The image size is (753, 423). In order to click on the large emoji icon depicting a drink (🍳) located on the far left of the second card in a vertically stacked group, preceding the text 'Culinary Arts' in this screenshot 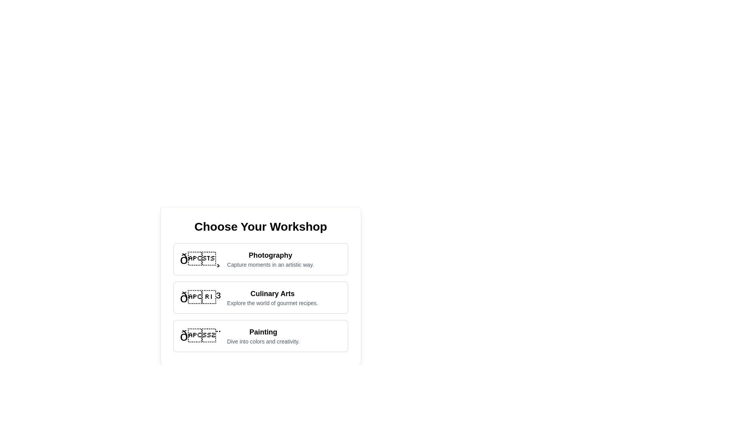, I will do `click(200, 297)`.